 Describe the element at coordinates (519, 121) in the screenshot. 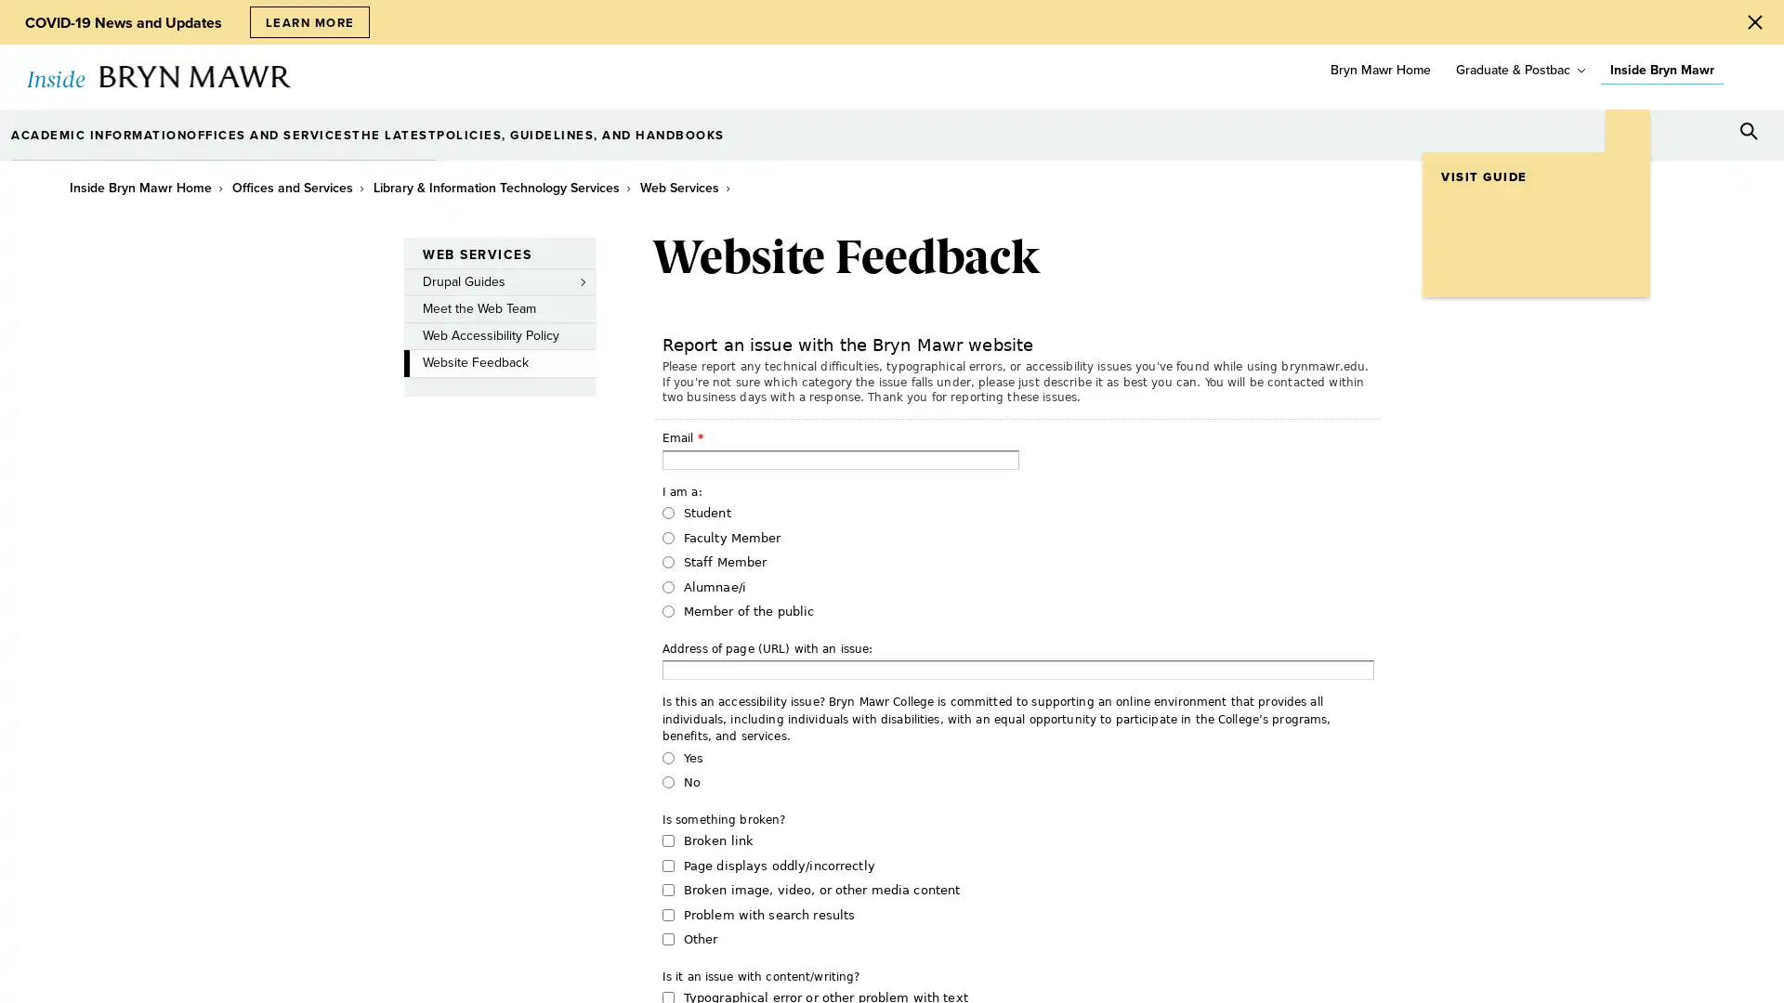

I see `toggle submenu` at that location.